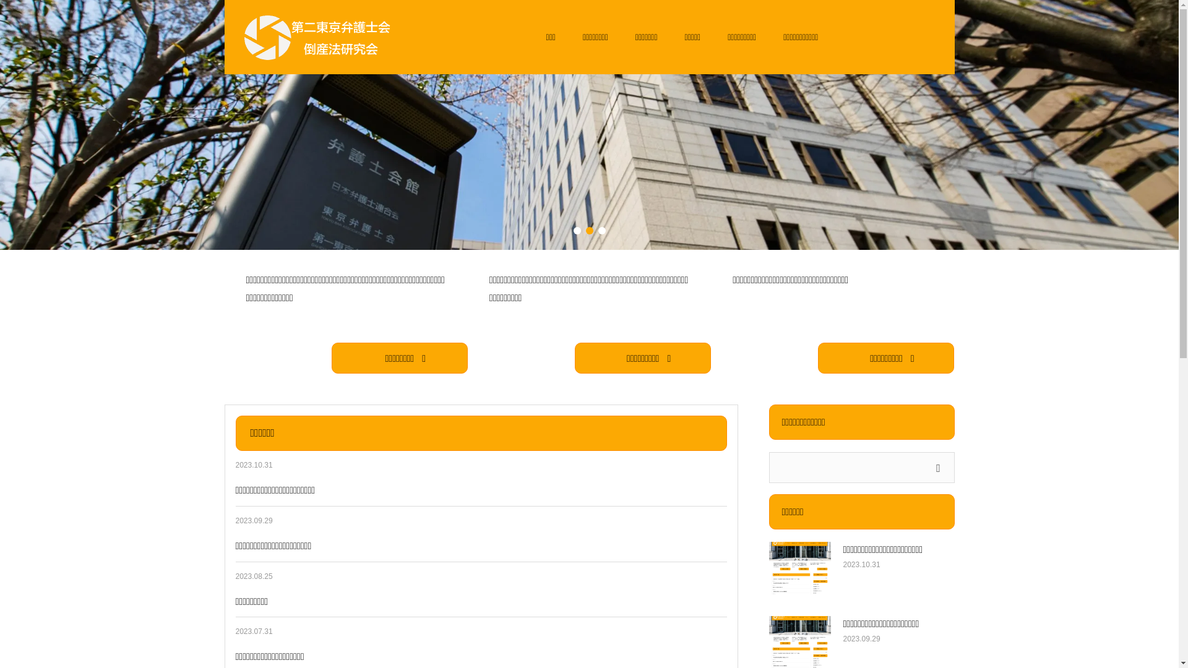 This screenshot has width=1188, height=668. What do you see at coordinates (597, 231) in the screenshot?
I see `'3'` at bounding box center [597, 231].